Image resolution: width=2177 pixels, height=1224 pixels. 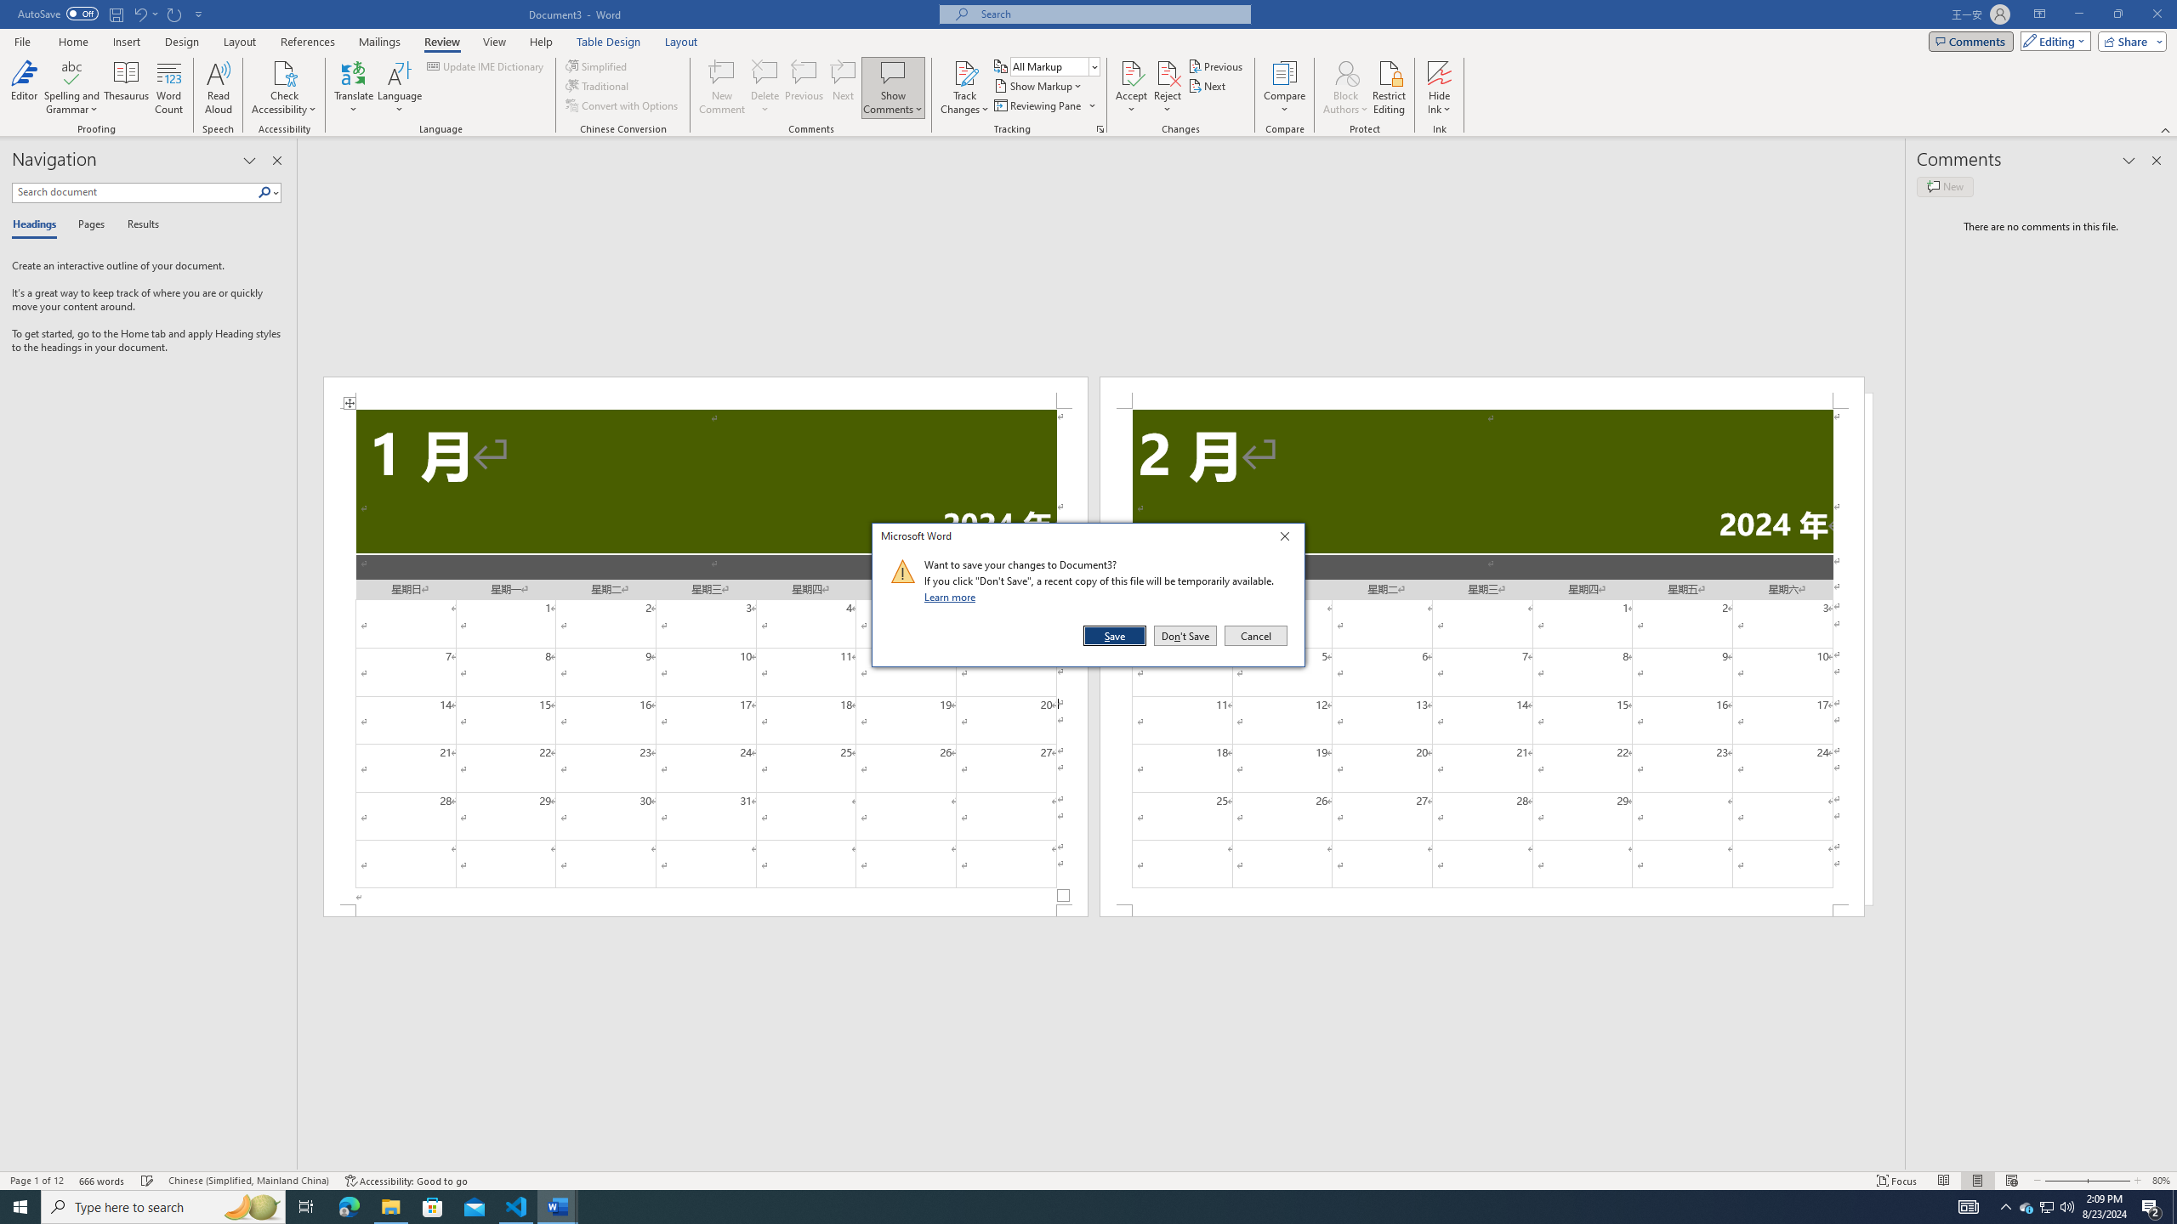 What do you see at coordinates (389, 1205) in the screenshot?
I see `'File Explorer - 1 running window'` at bounding box center [389, 1205].